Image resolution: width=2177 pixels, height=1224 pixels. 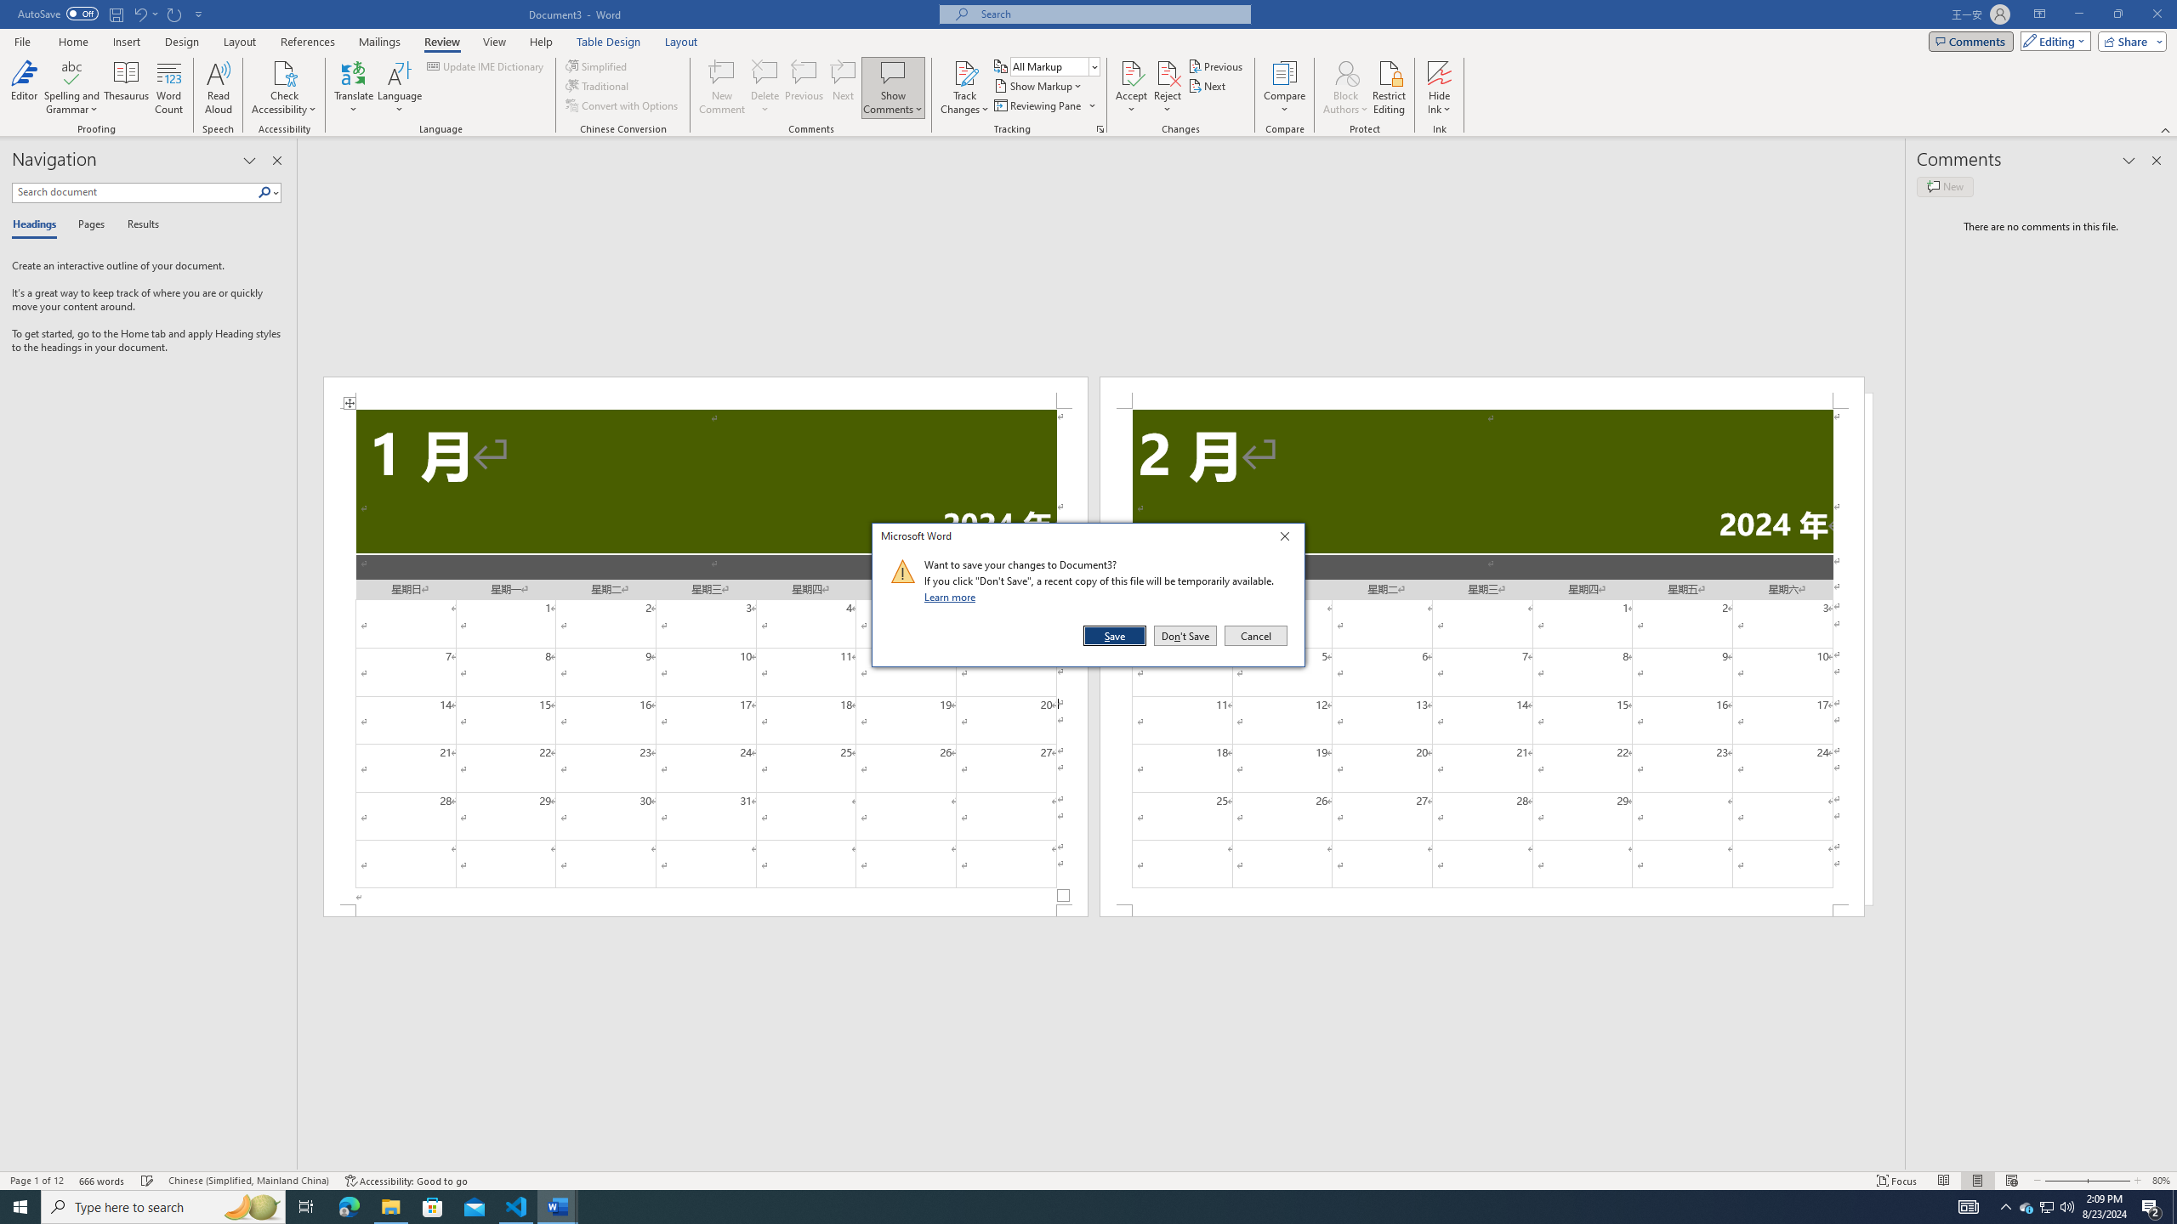 What do you see at coordinates (389, 1205) in the screenshot?
I see `'File Explorer - 1 running window'` at bounding box center [389, 1205].